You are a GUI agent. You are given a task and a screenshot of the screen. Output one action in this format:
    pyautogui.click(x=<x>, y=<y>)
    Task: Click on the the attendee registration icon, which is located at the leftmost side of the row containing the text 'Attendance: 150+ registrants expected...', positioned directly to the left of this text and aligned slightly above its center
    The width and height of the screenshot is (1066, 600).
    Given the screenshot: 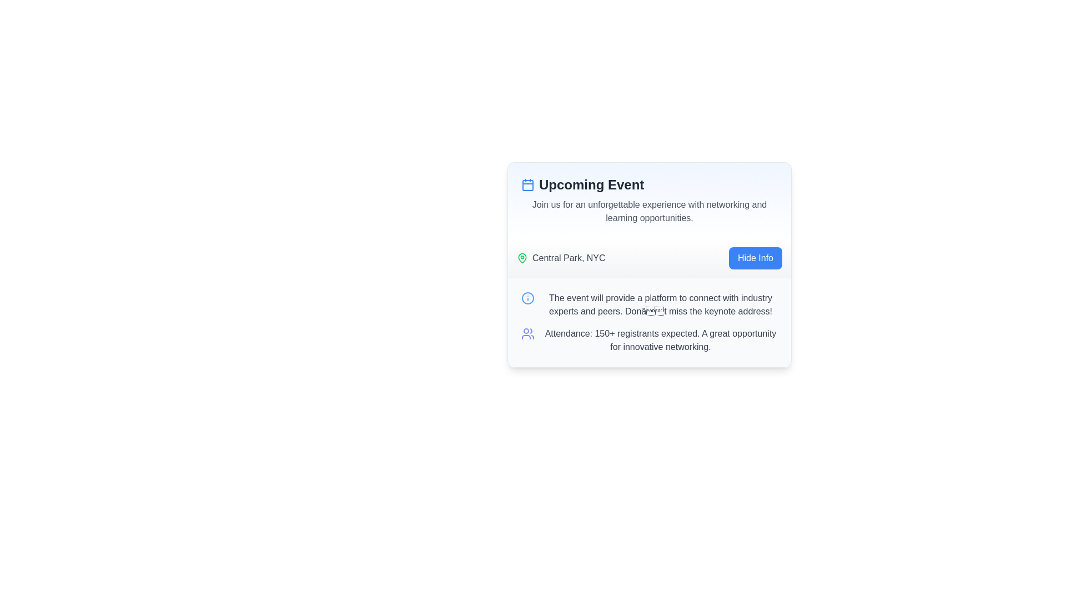 What is the action you would take?
    pyautogui.click(x=527, y=333)
    